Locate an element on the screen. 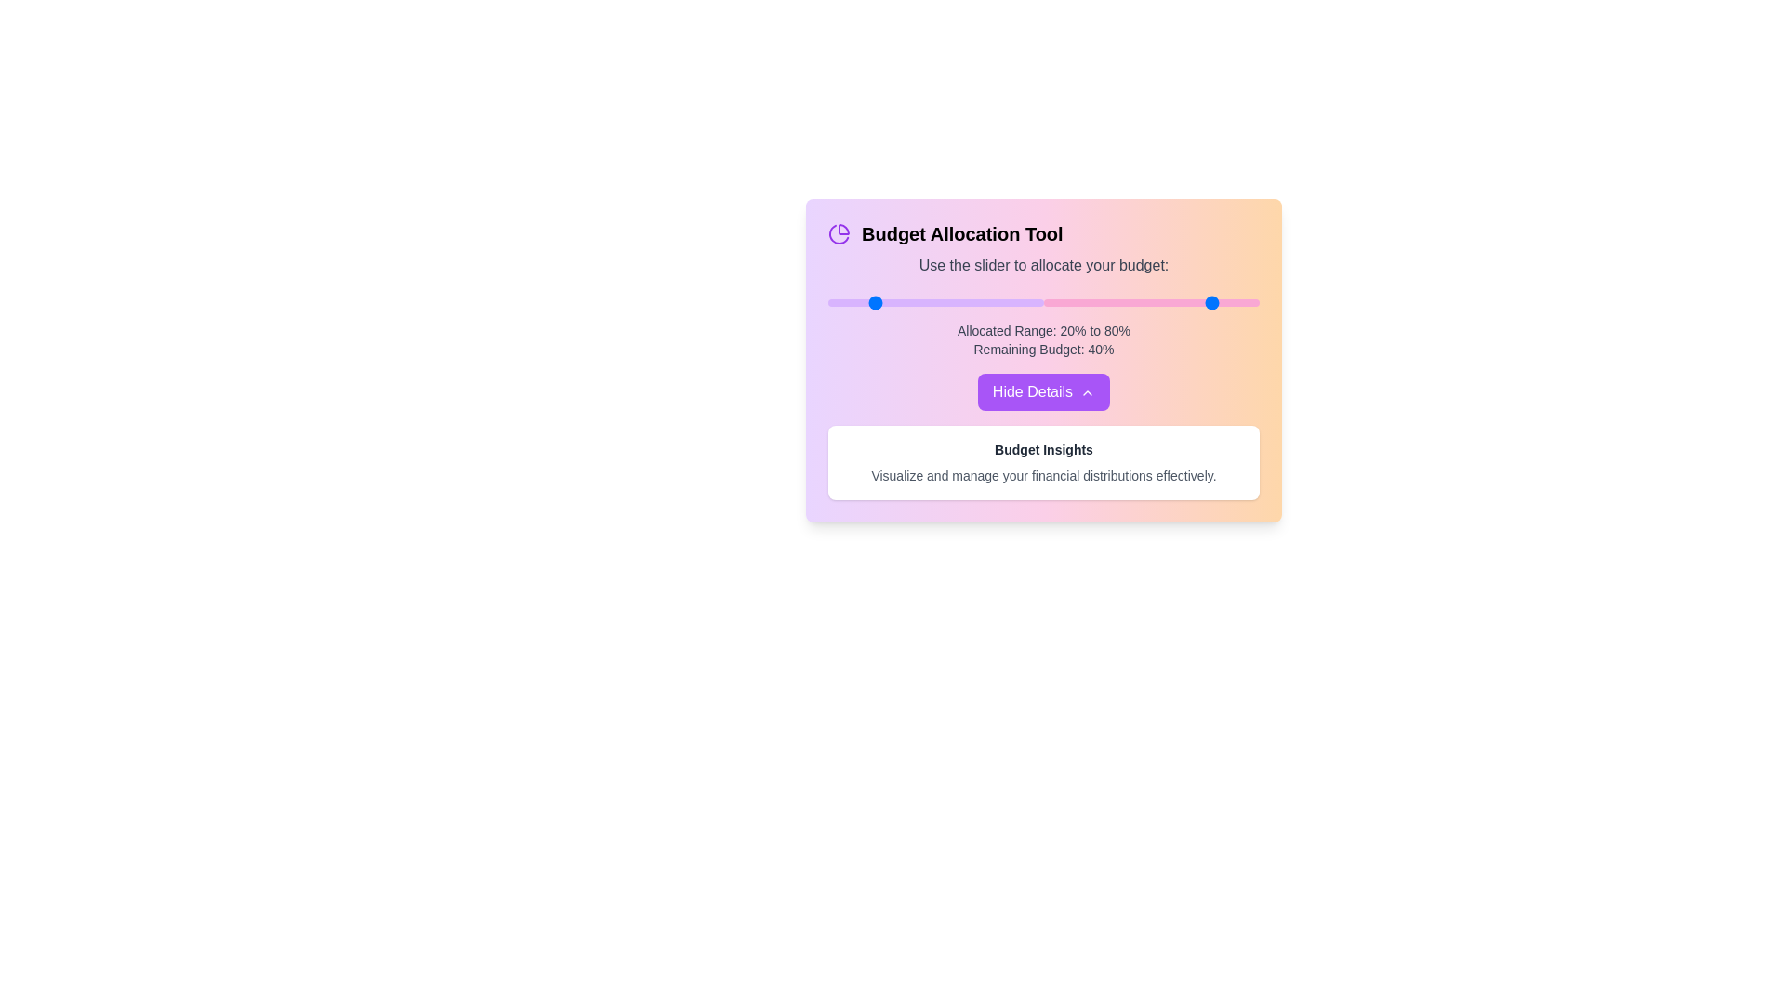 The height and width of the screenshot is (1004, 1785). the first slider to set the starting percentage to 33 is located at coordinates (899, 302).